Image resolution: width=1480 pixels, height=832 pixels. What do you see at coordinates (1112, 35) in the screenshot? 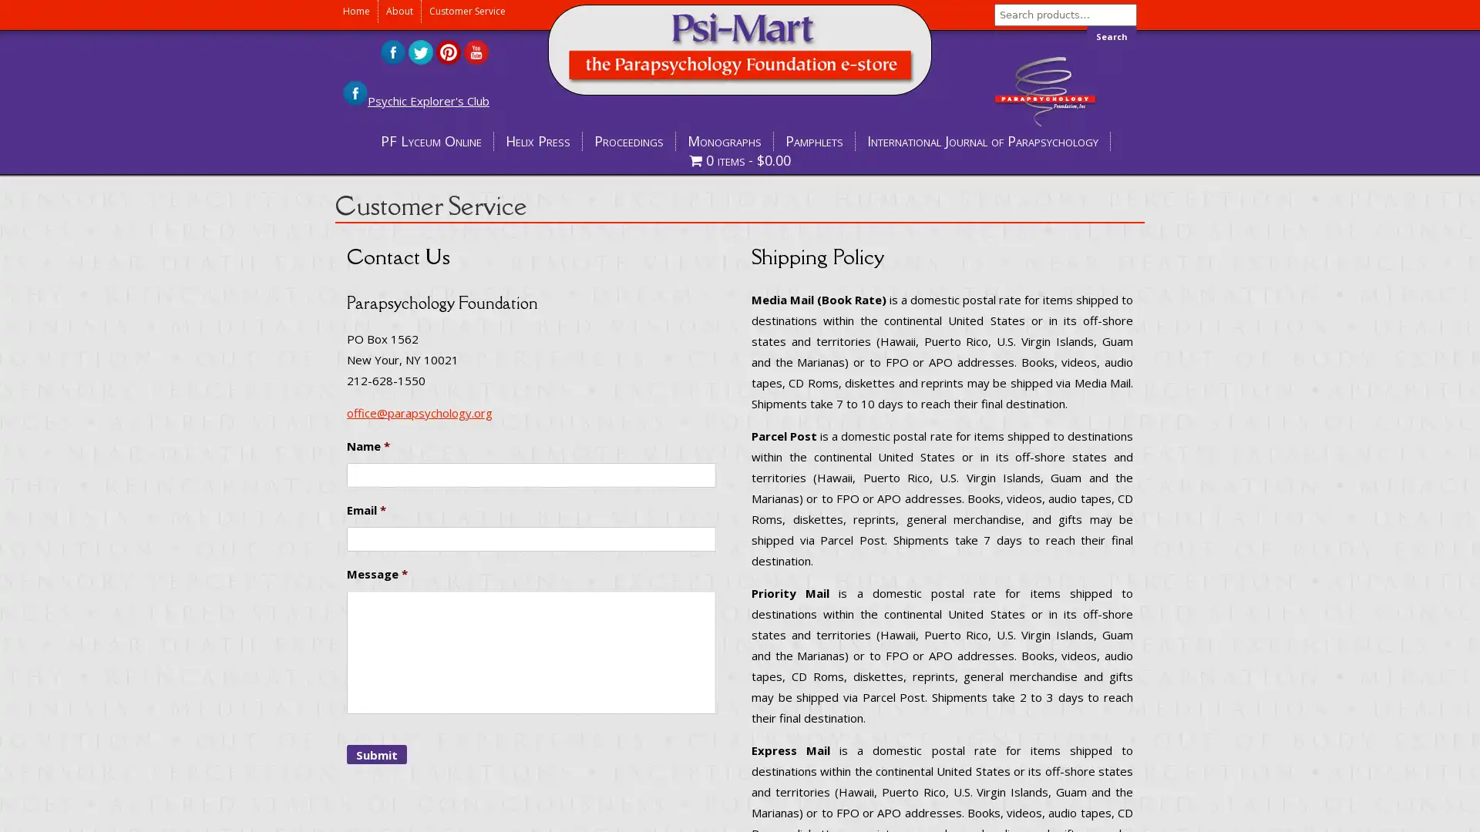
I see `Search` at bounding box center [1112, 35].